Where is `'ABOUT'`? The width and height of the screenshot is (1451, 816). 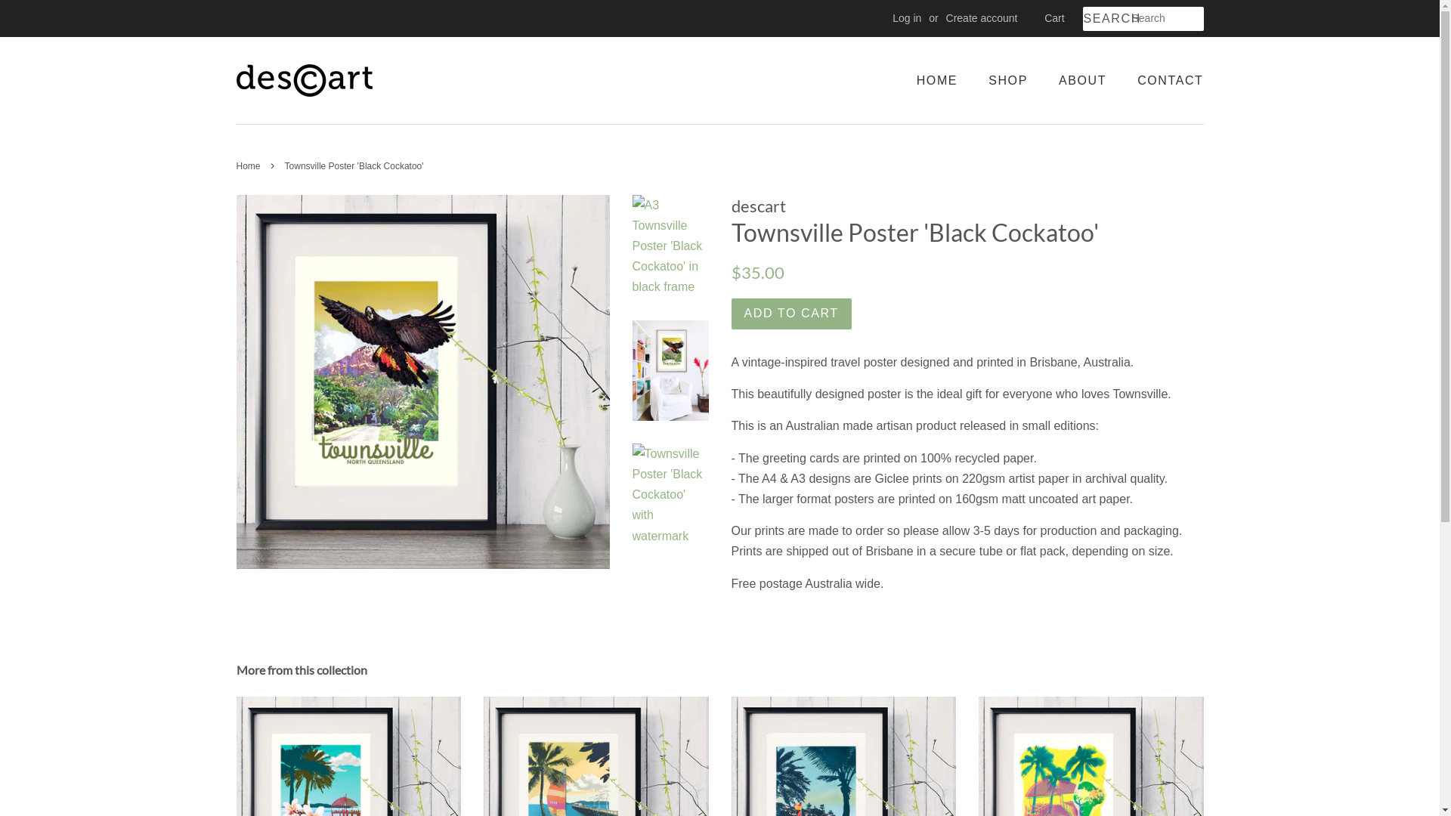
'ABOUT' is located at coordinates (1084, 80).